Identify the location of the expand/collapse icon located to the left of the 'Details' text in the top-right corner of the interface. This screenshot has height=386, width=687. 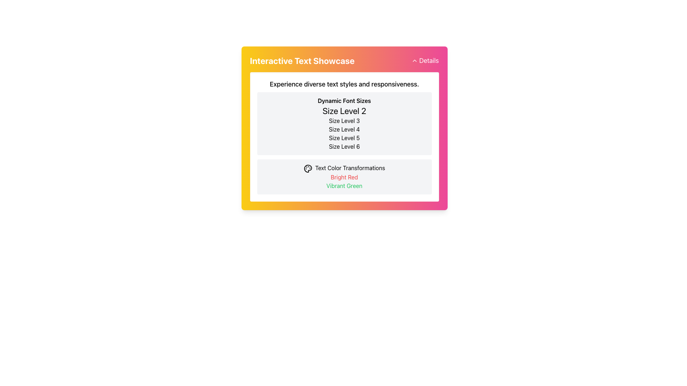
(414, 60).